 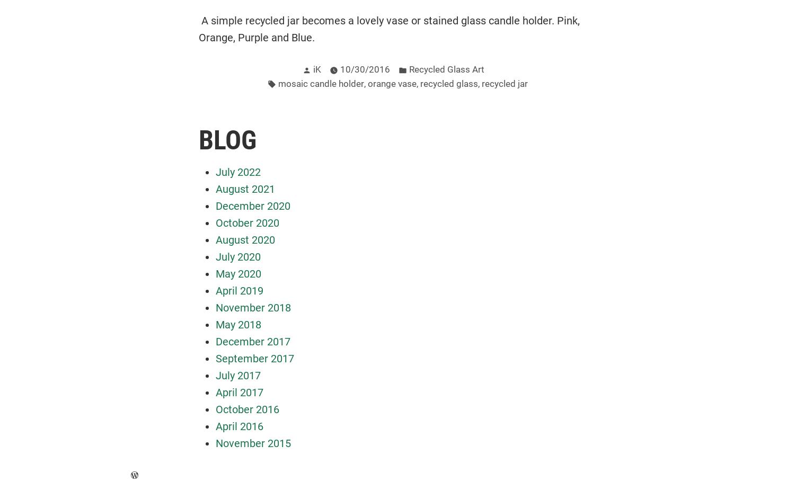 What do you see at coordinates (339, 69) in the screenshot?
I see `'10/30/2016'` at bounding box center [339, 69].